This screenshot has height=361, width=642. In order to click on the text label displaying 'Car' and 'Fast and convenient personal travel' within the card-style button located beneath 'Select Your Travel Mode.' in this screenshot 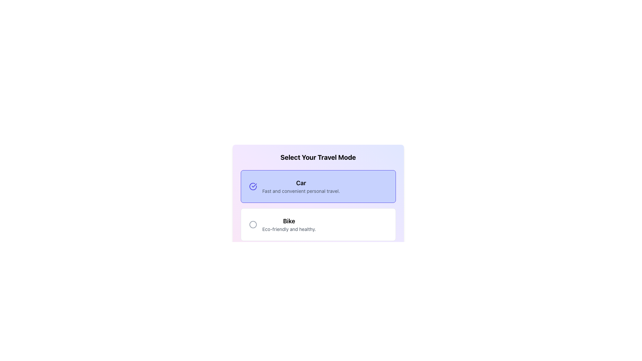, I will do `click(301, 187)`.